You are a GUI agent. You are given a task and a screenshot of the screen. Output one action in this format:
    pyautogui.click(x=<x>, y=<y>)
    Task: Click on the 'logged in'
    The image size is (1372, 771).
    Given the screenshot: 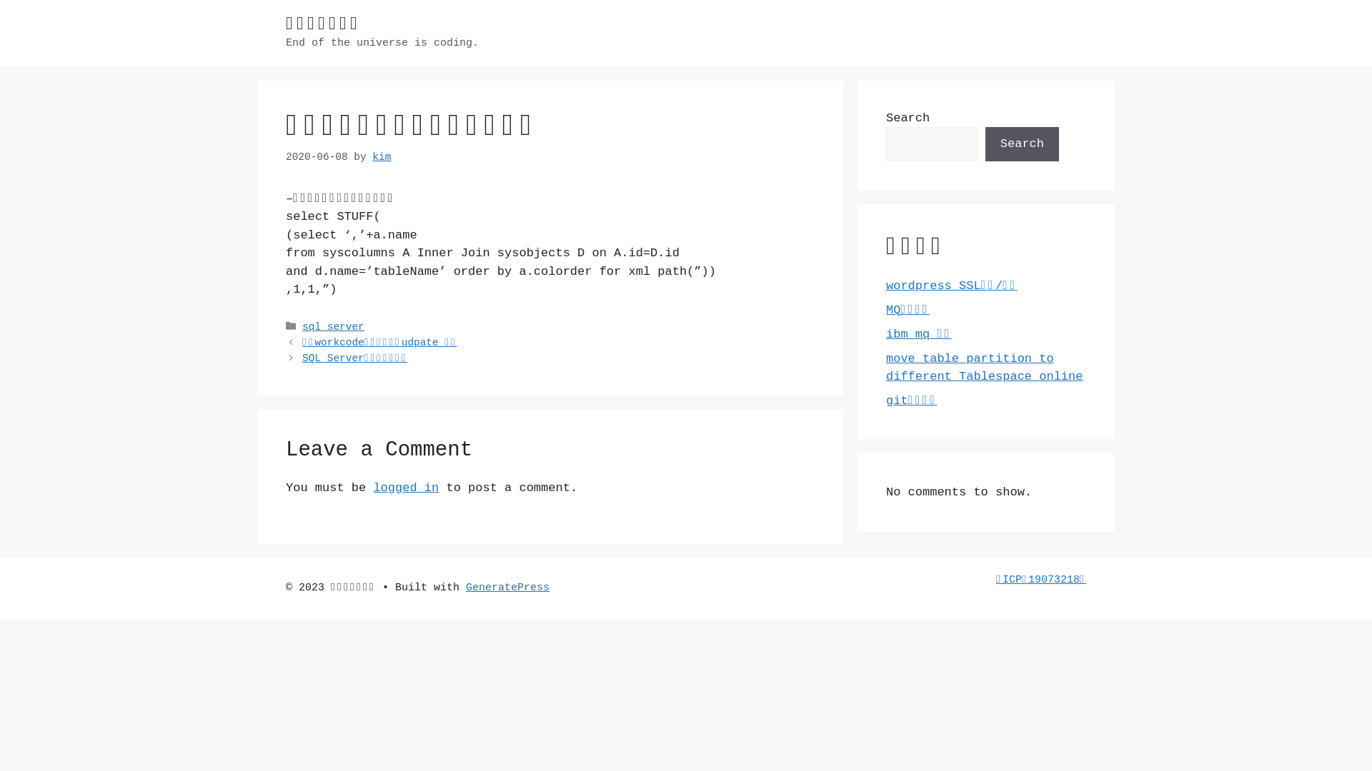 What is the action you would take?
    pyautogui.click(x=404, y=487)
    